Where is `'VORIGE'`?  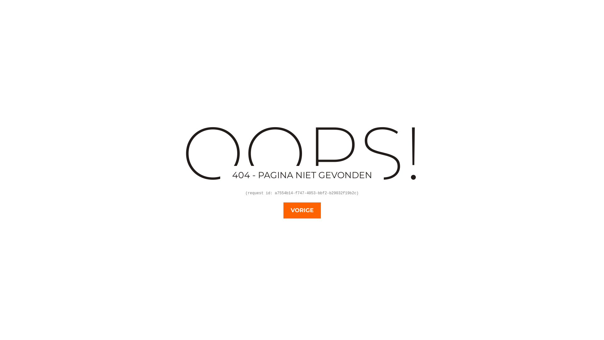 'VORIGE' is located at coordinates (301, 210).